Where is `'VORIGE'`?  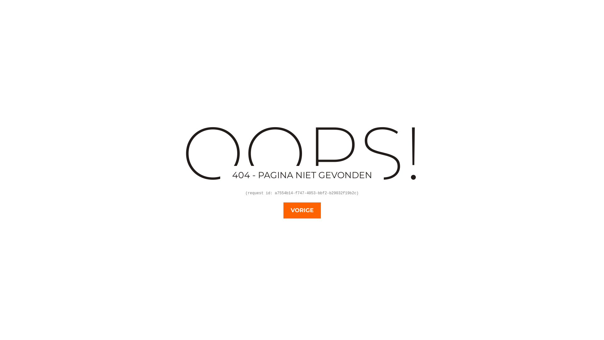 'VORIGE' is located at coordinates (301, 210).